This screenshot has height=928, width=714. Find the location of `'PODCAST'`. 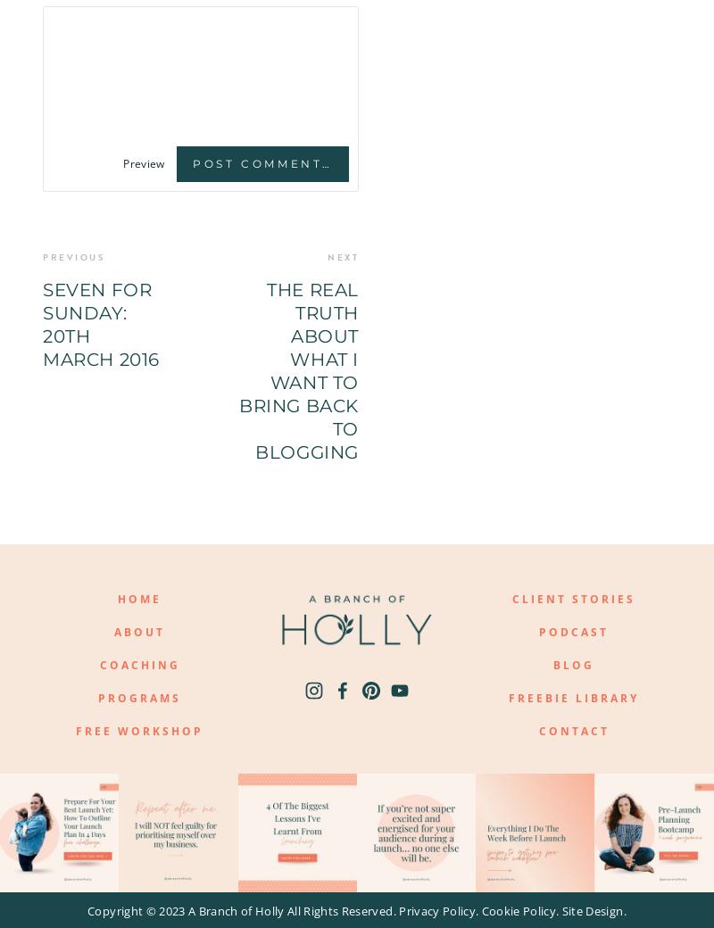

'PODCAST' is located at coordinates (572, 632).